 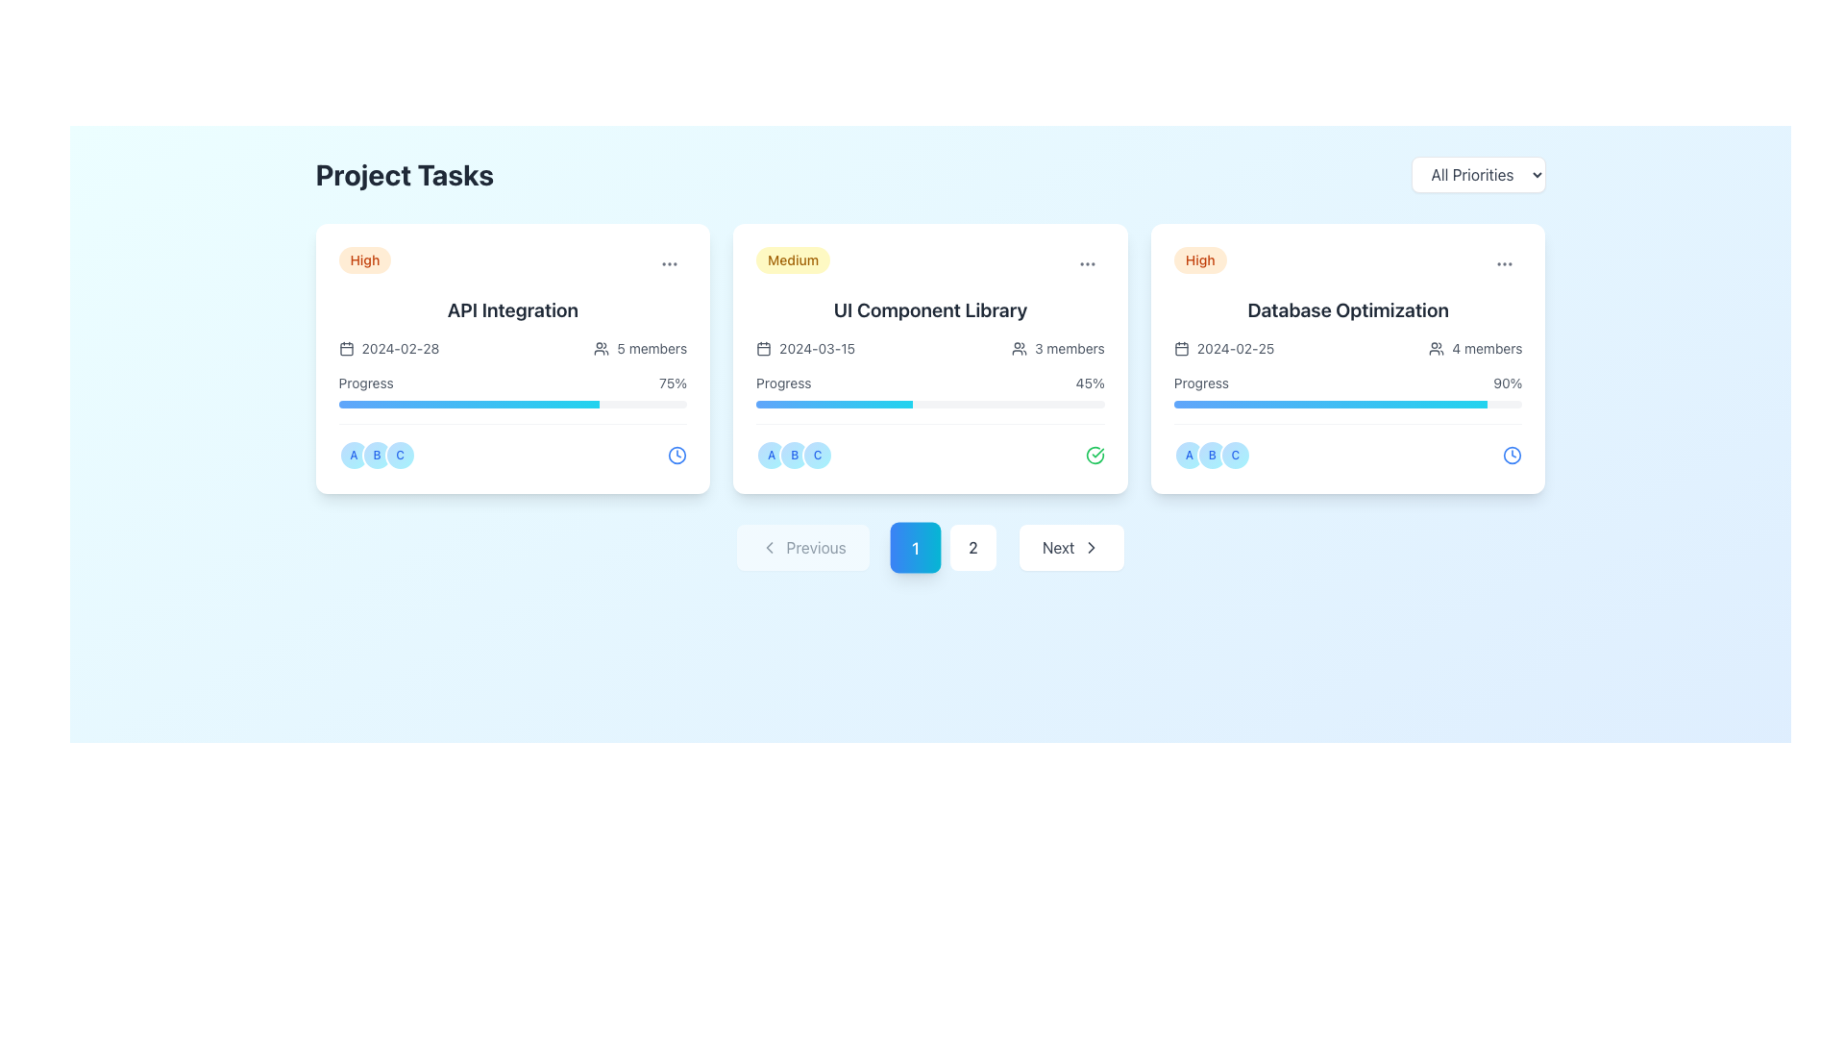 I want to click on second circular badge labeled 'B' with a gradient background and white border, located beneath the progress bar in the 'UI Component Library' card, so click(x=795, y=456).